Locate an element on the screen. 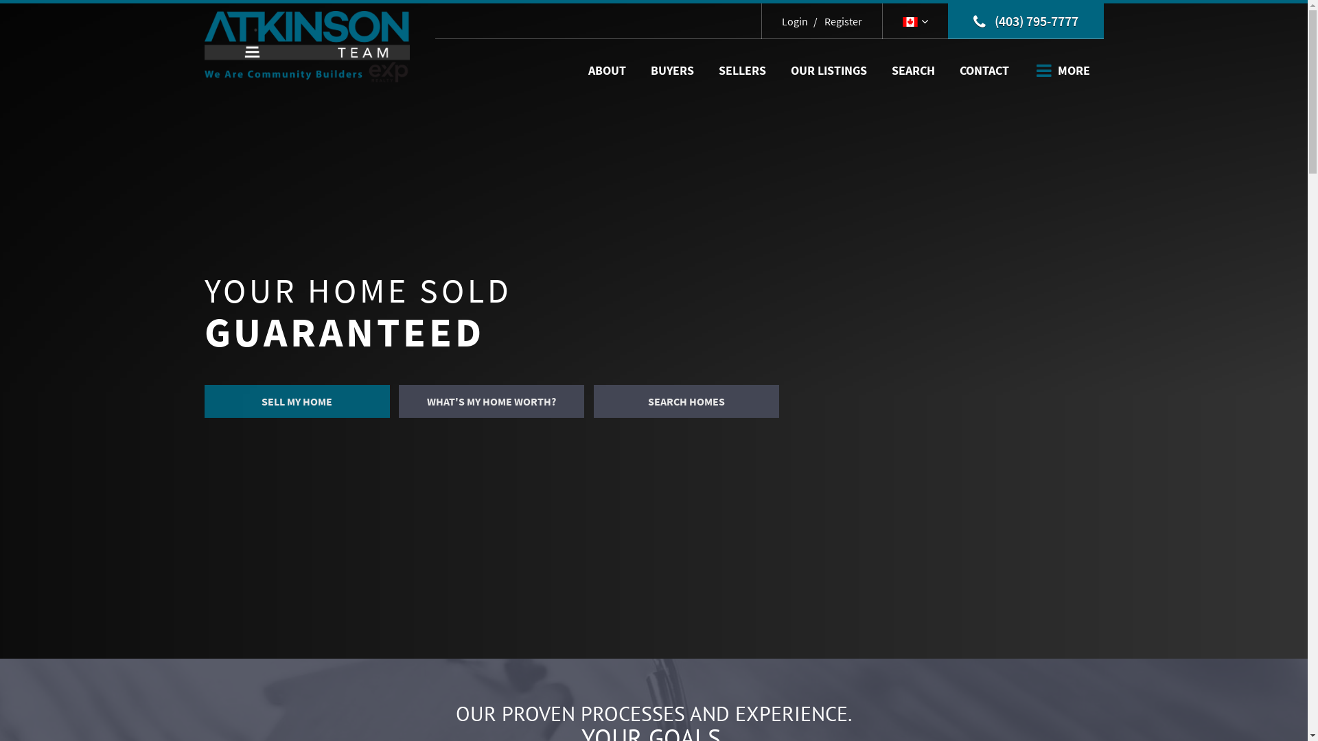 The image size is (1318, 741). 'SELLERS' is located at coordinates (741, 71).